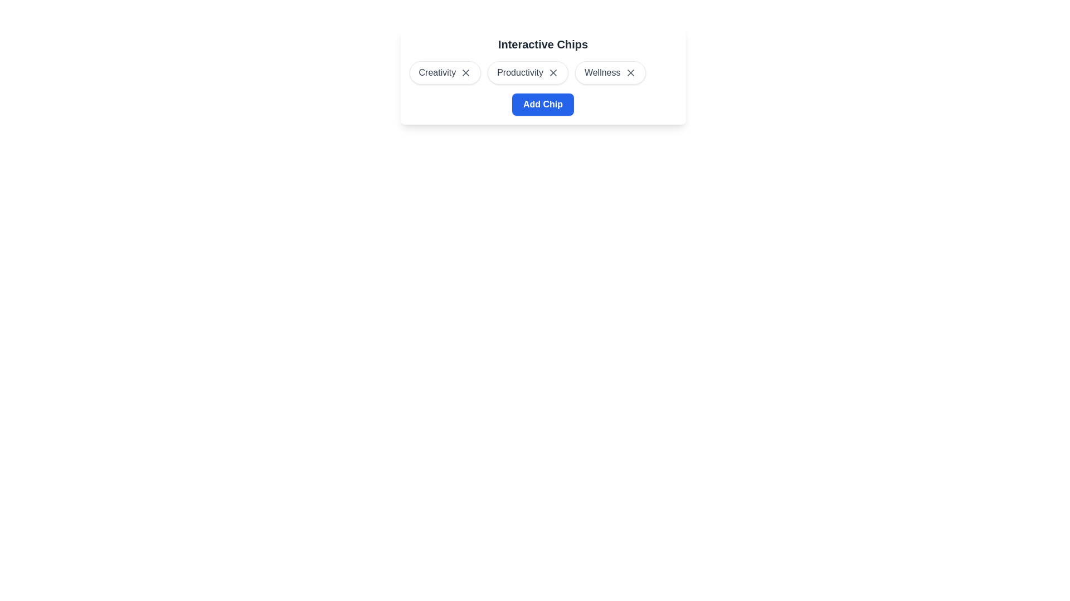 This screenshot has height=601, width=1070. What do you see at coordinates (466, 73) in the screenshot?
I see `the close/remove icon represented by an 'X' symbol located within the first interactive chip labeled 'Creativity'` at bounding box center [466, 73].